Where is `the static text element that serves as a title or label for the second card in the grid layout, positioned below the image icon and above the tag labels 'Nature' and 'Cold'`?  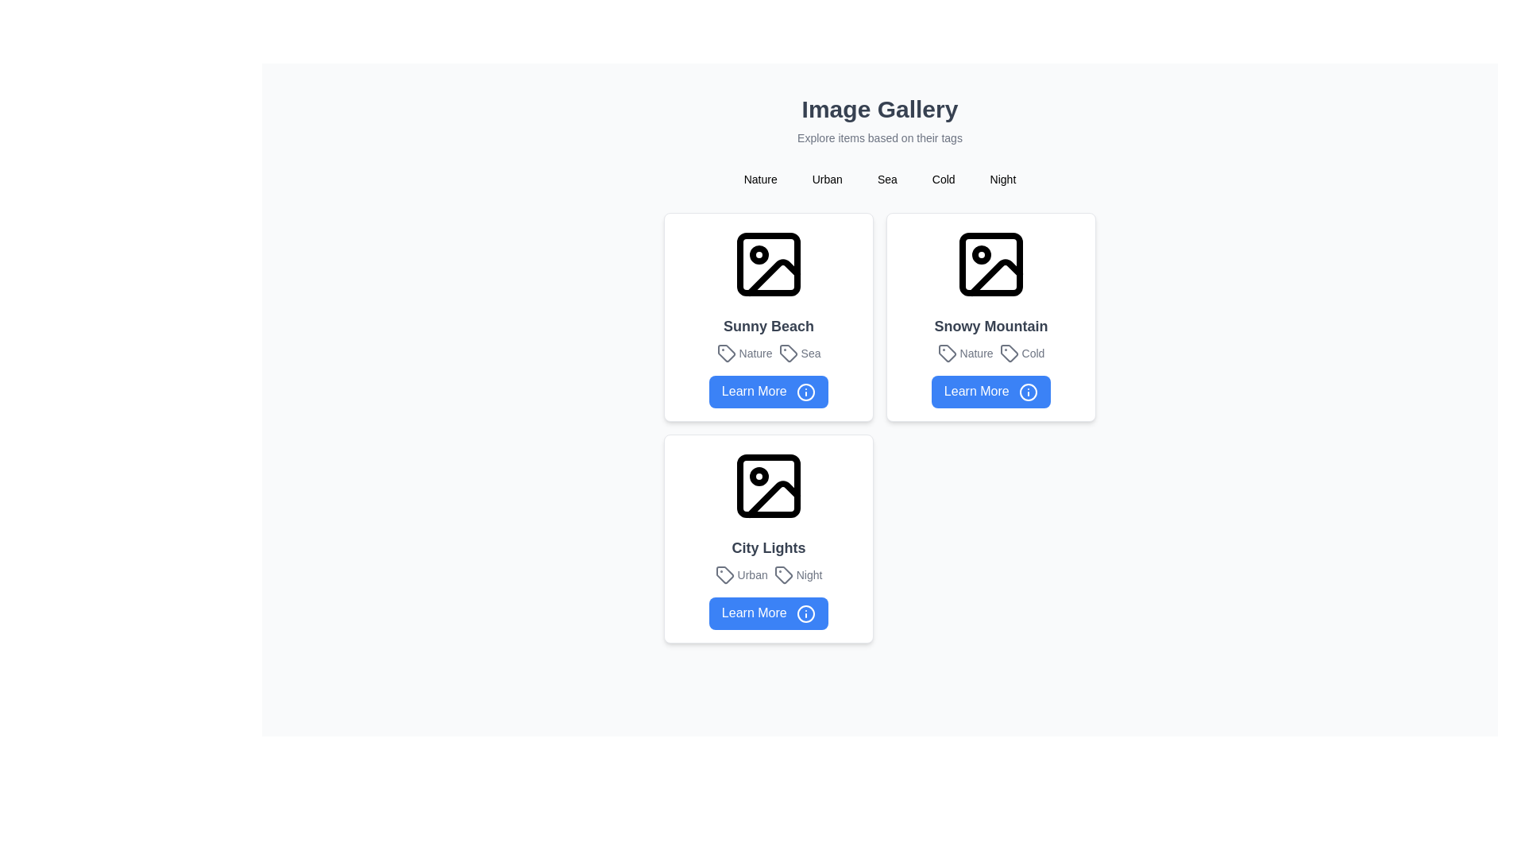
the static text element that serves as a title or label for the second card in the grid layout, positioned below the image icon and above the tag labels 'Nature' and 'Cold' is located at coordinates (990, 326).